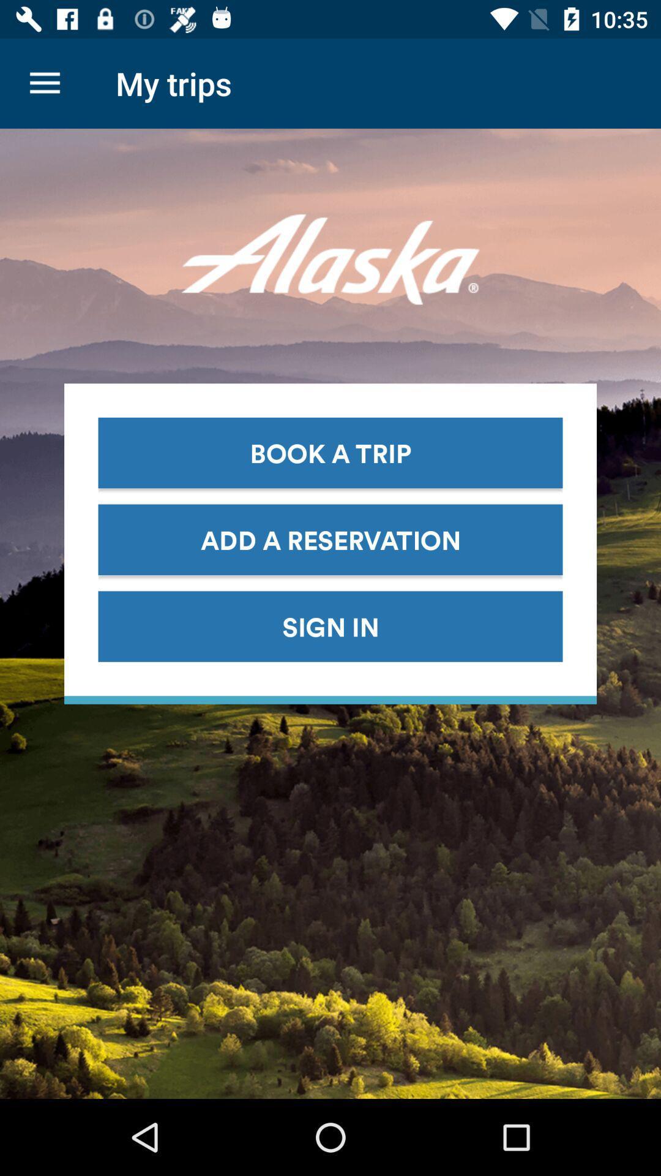  I want to click on book a trip, so click(330, 452).